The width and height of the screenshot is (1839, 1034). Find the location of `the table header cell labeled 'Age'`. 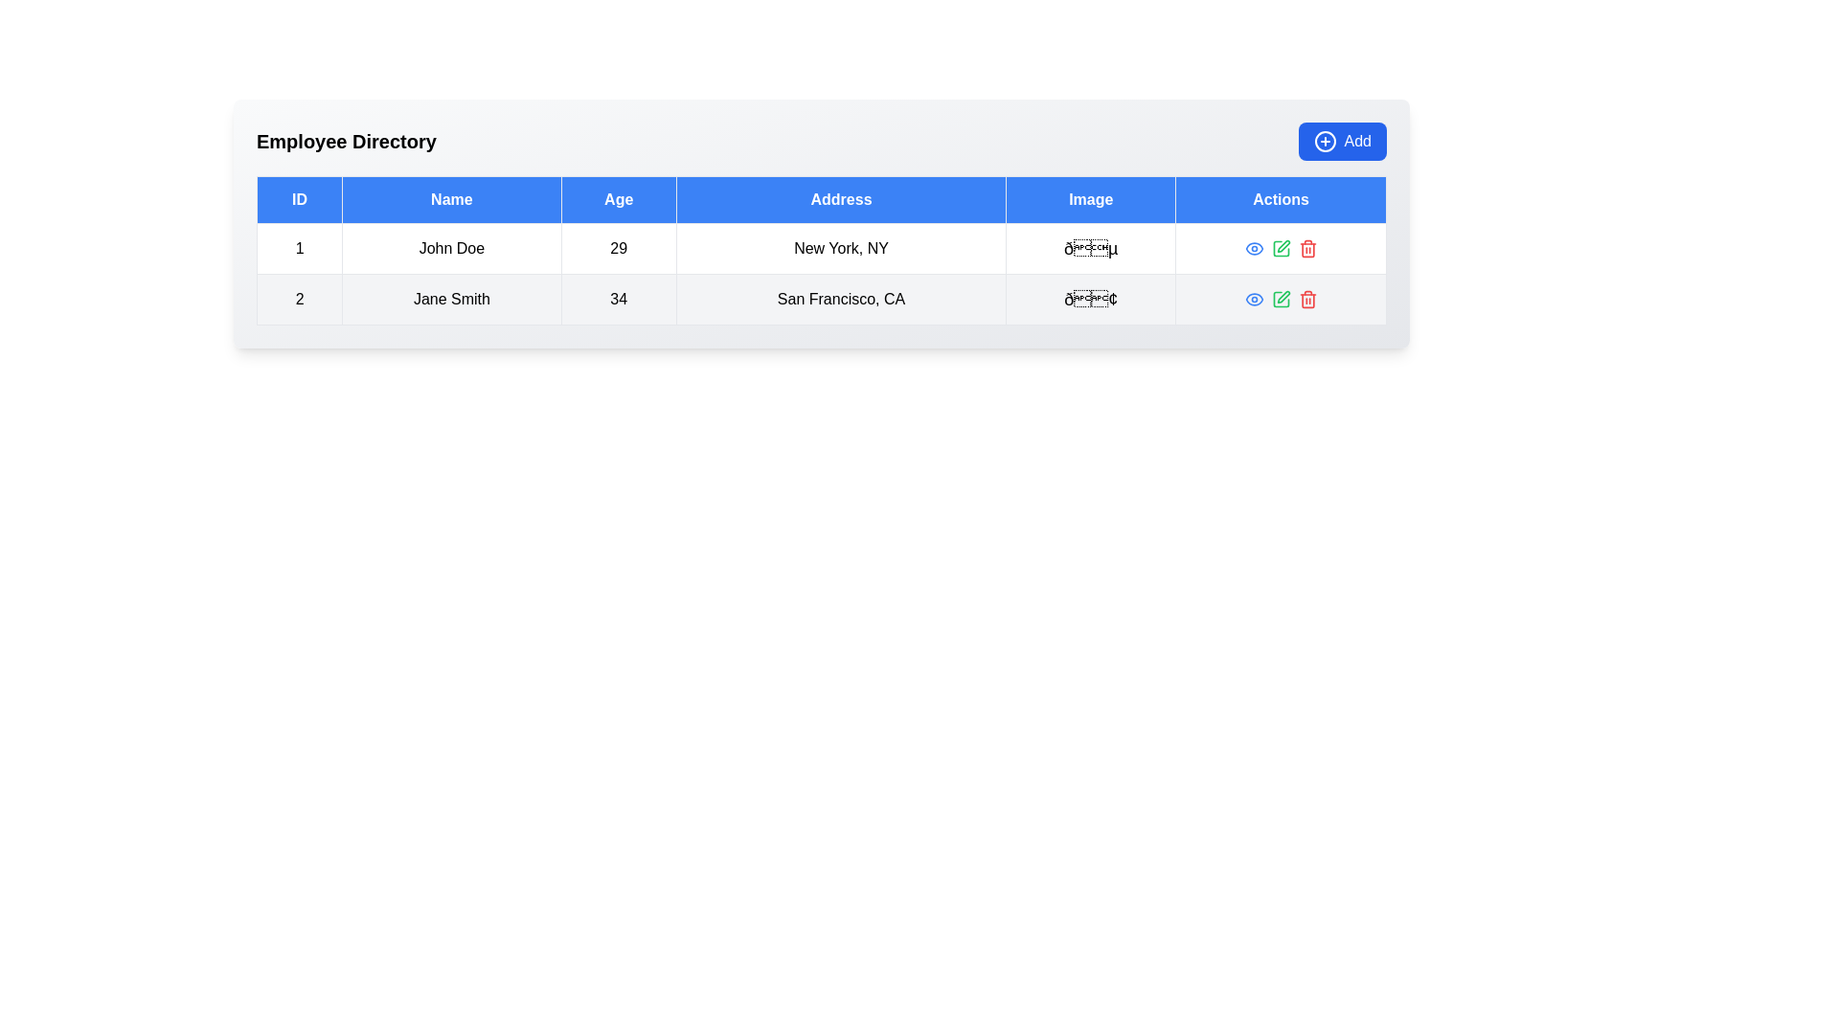

the table header cell labeled 'Age' is located at coordinates (619, 199).